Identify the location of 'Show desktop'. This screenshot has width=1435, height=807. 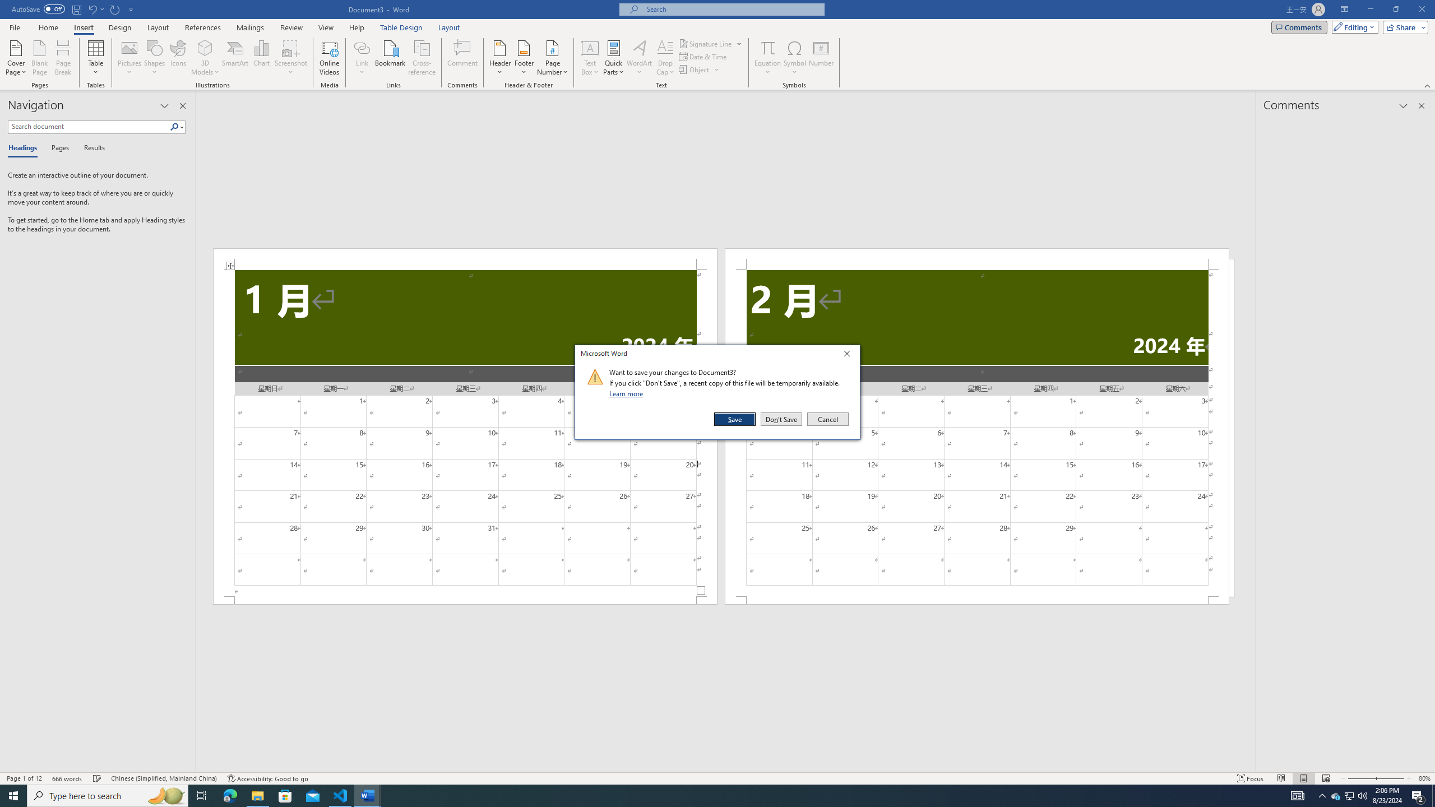
(1433, 795).